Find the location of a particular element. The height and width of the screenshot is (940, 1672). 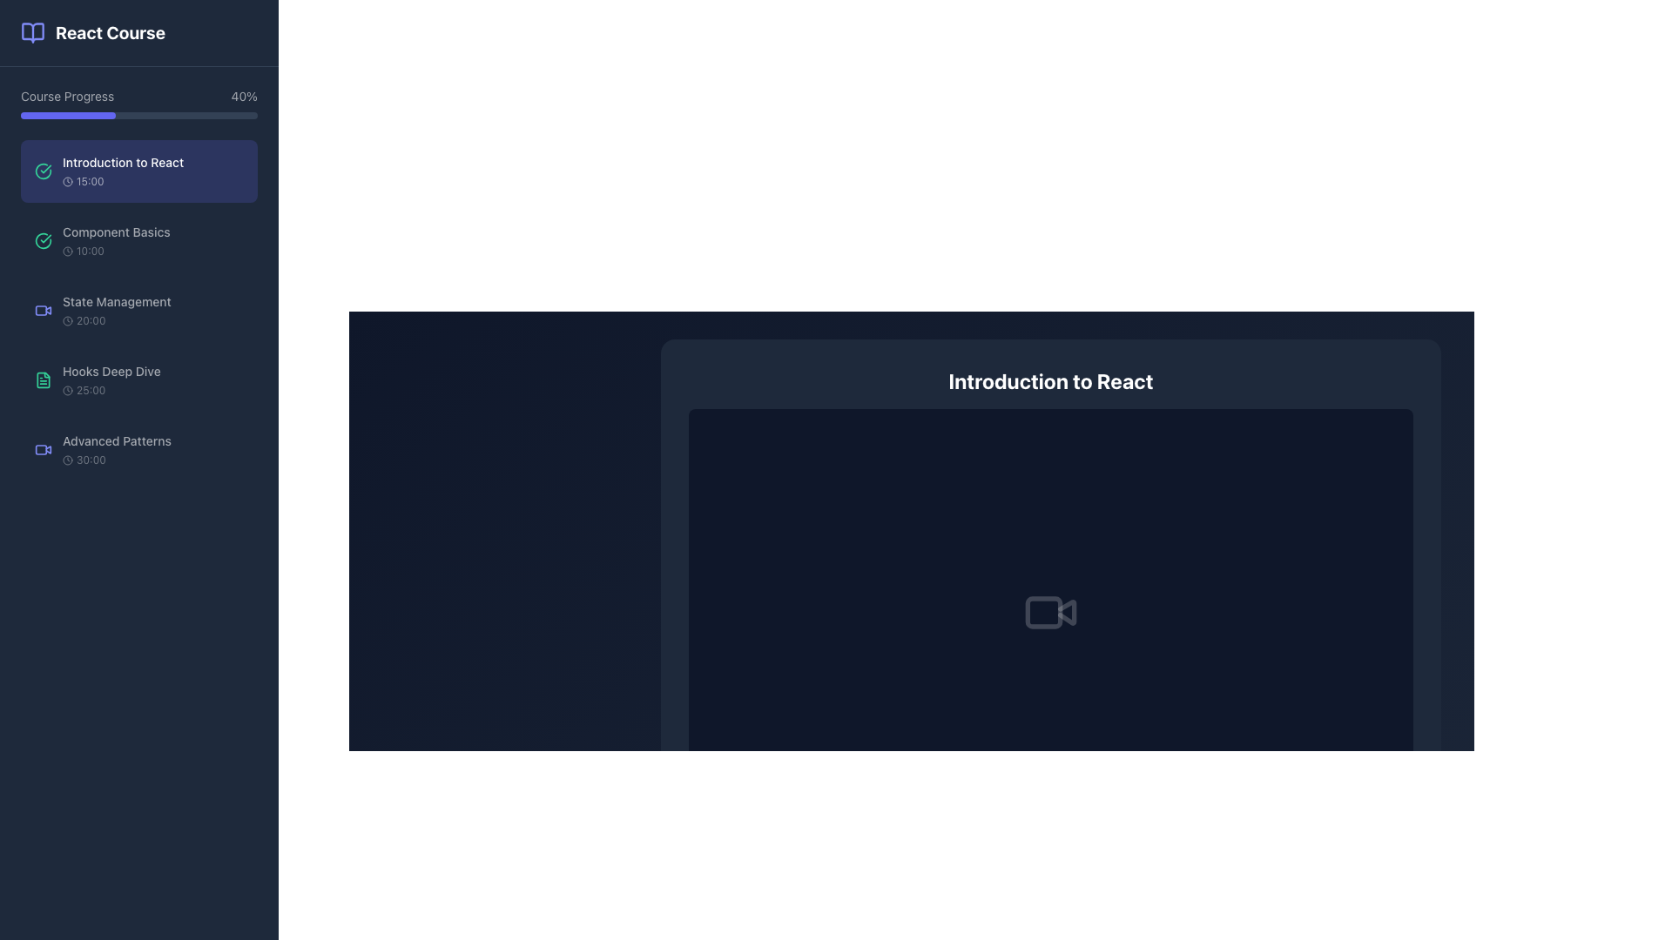

the 'Advanced Patterns' list item in the left sidebar under the 'React Course' heading is located at coordinates (153, 448).